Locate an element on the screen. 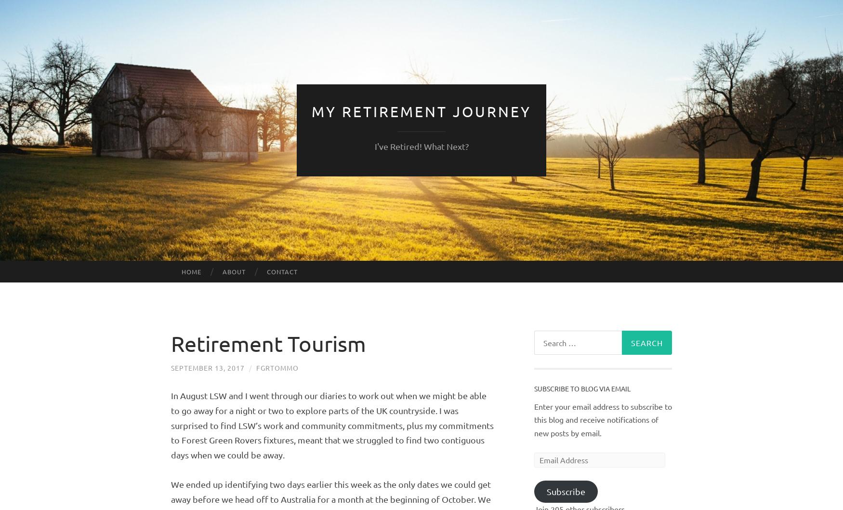  'September 13, 2017' is located at coordinates (171, 368).